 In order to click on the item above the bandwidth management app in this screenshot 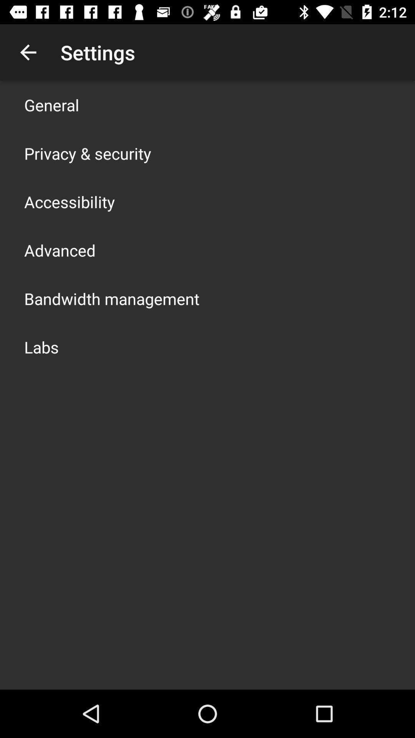, I will do `click(59, 250)`.